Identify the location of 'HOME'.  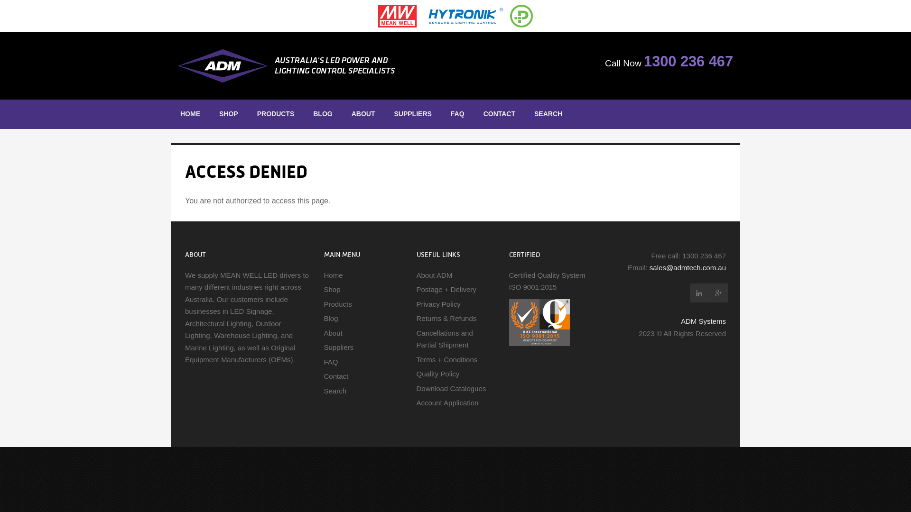
(171, 113).